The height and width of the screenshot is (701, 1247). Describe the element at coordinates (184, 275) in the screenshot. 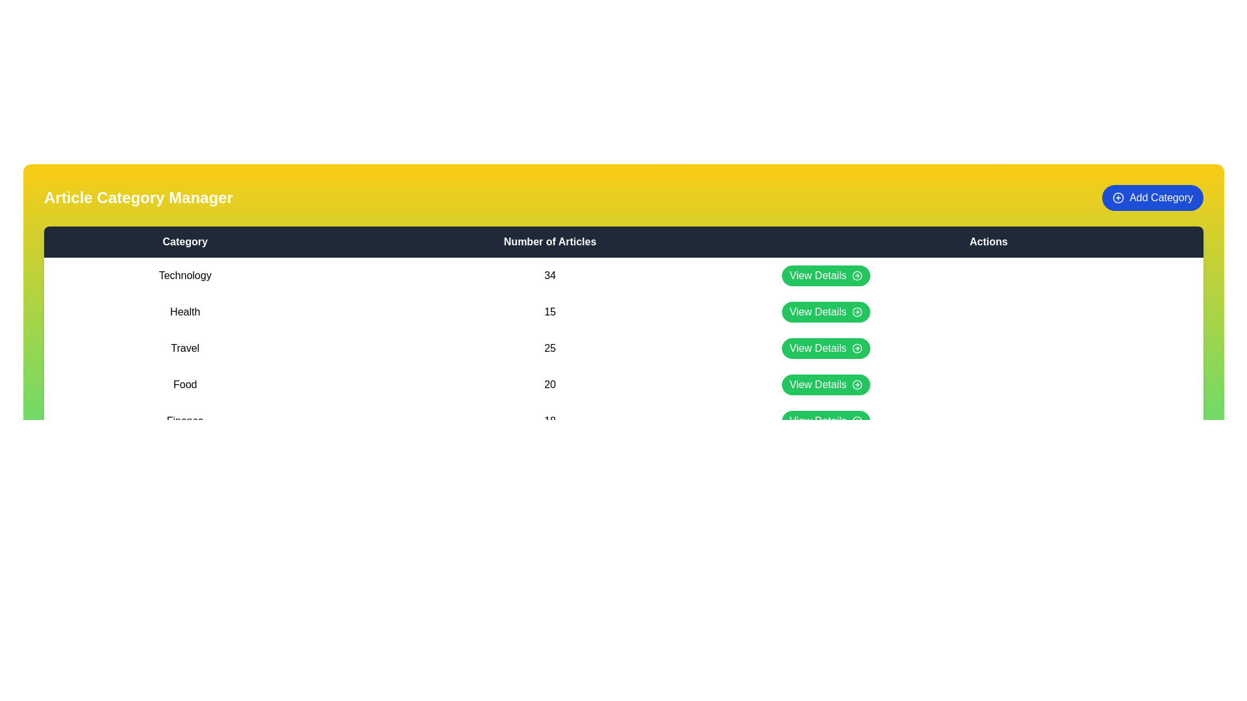

I see `the category name Technology in the table` at that location.